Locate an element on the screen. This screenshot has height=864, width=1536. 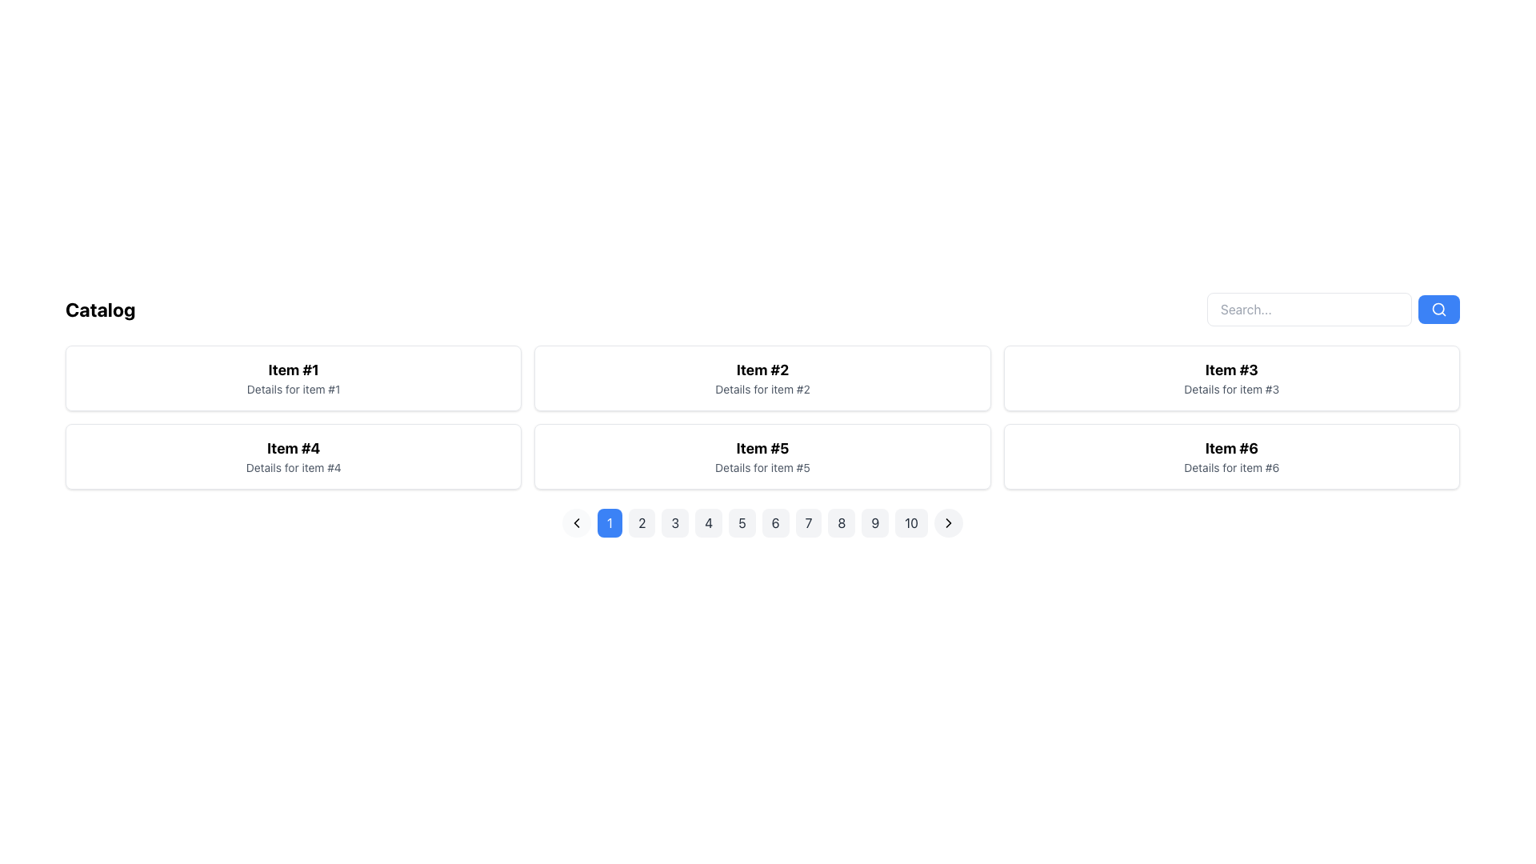
the second card in the grid layout that serves as a visual representation of an item, located between the cards for 'Item #1' and 'Item #3' is located at coordinates (762, 378).